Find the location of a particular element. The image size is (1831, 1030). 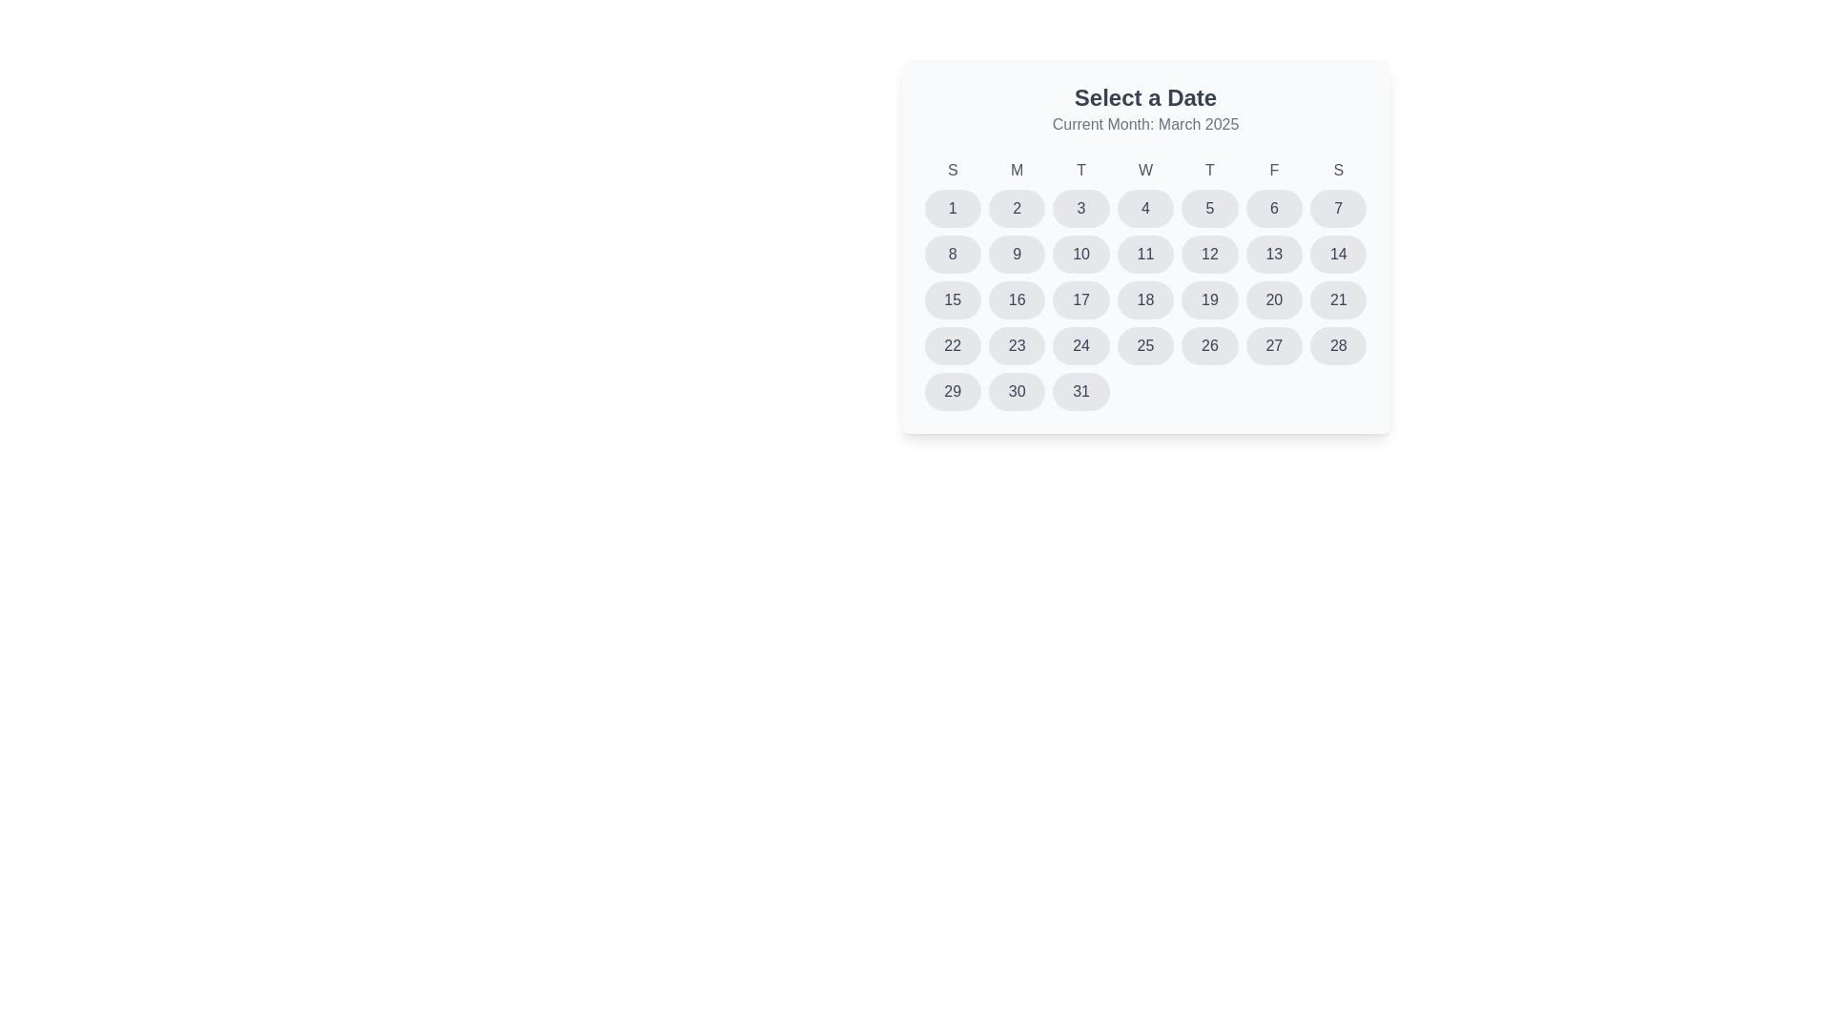

the rounded rectangular button with a gray background containing the number '9' in dark gray text is located at coordinates (1016, 253).